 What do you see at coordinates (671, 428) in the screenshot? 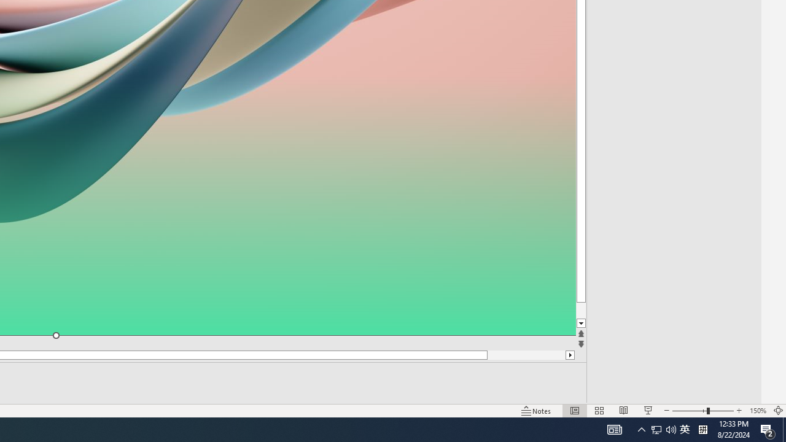
I see `'Q2790: 100%'` at bounding box center [671, 428].